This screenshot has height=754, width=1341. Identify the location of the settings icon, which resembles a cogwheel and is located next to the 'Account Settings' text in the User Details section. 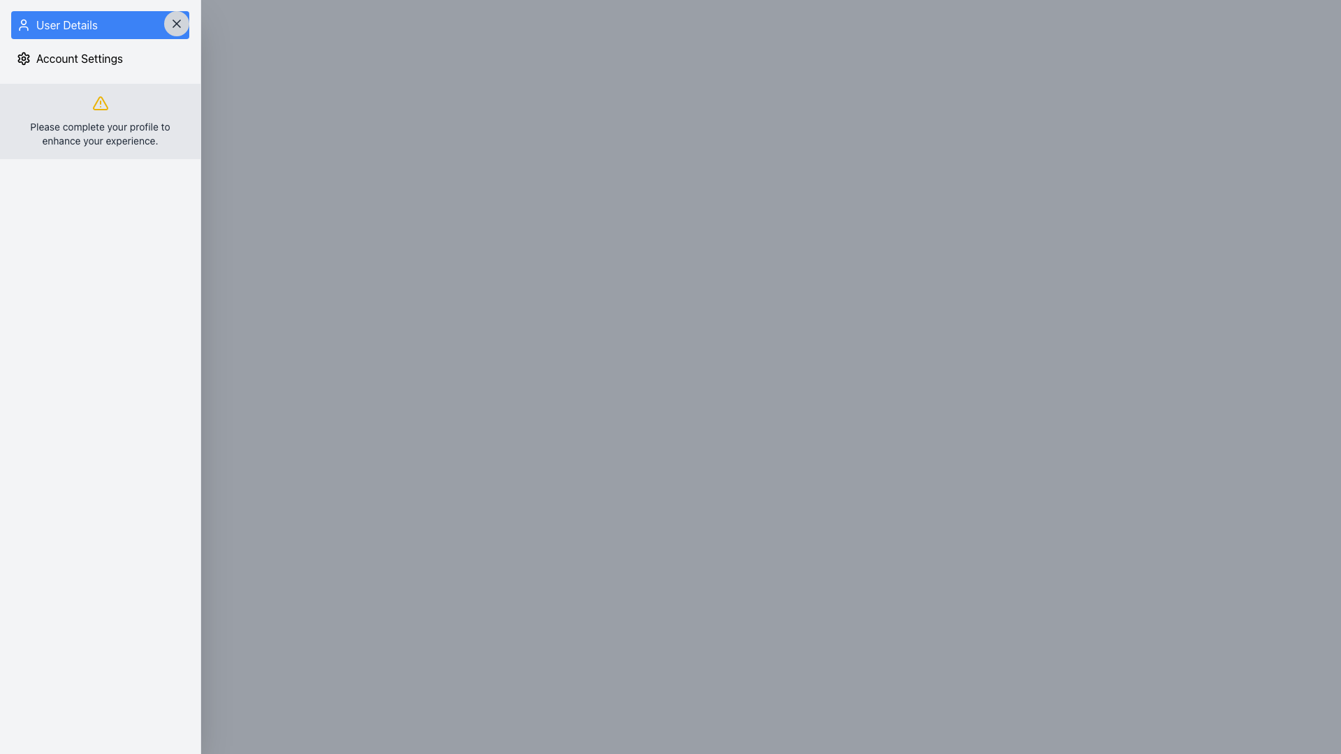
(23, 58).